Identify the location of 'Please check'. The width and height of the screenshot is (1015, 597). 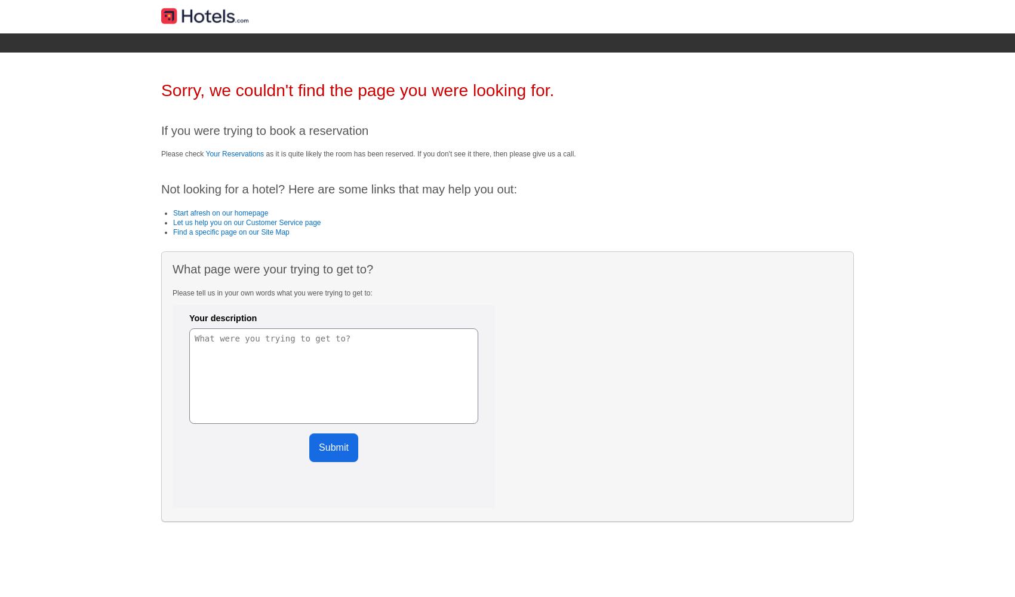
(183, 153).